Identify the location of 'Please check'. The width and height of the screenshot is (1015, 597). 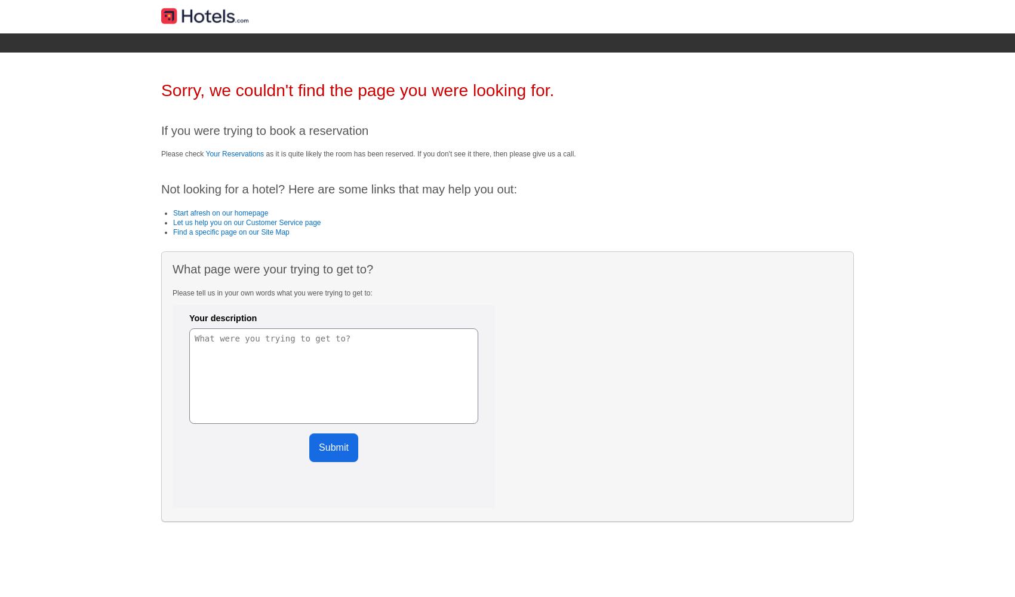
(183, 153).